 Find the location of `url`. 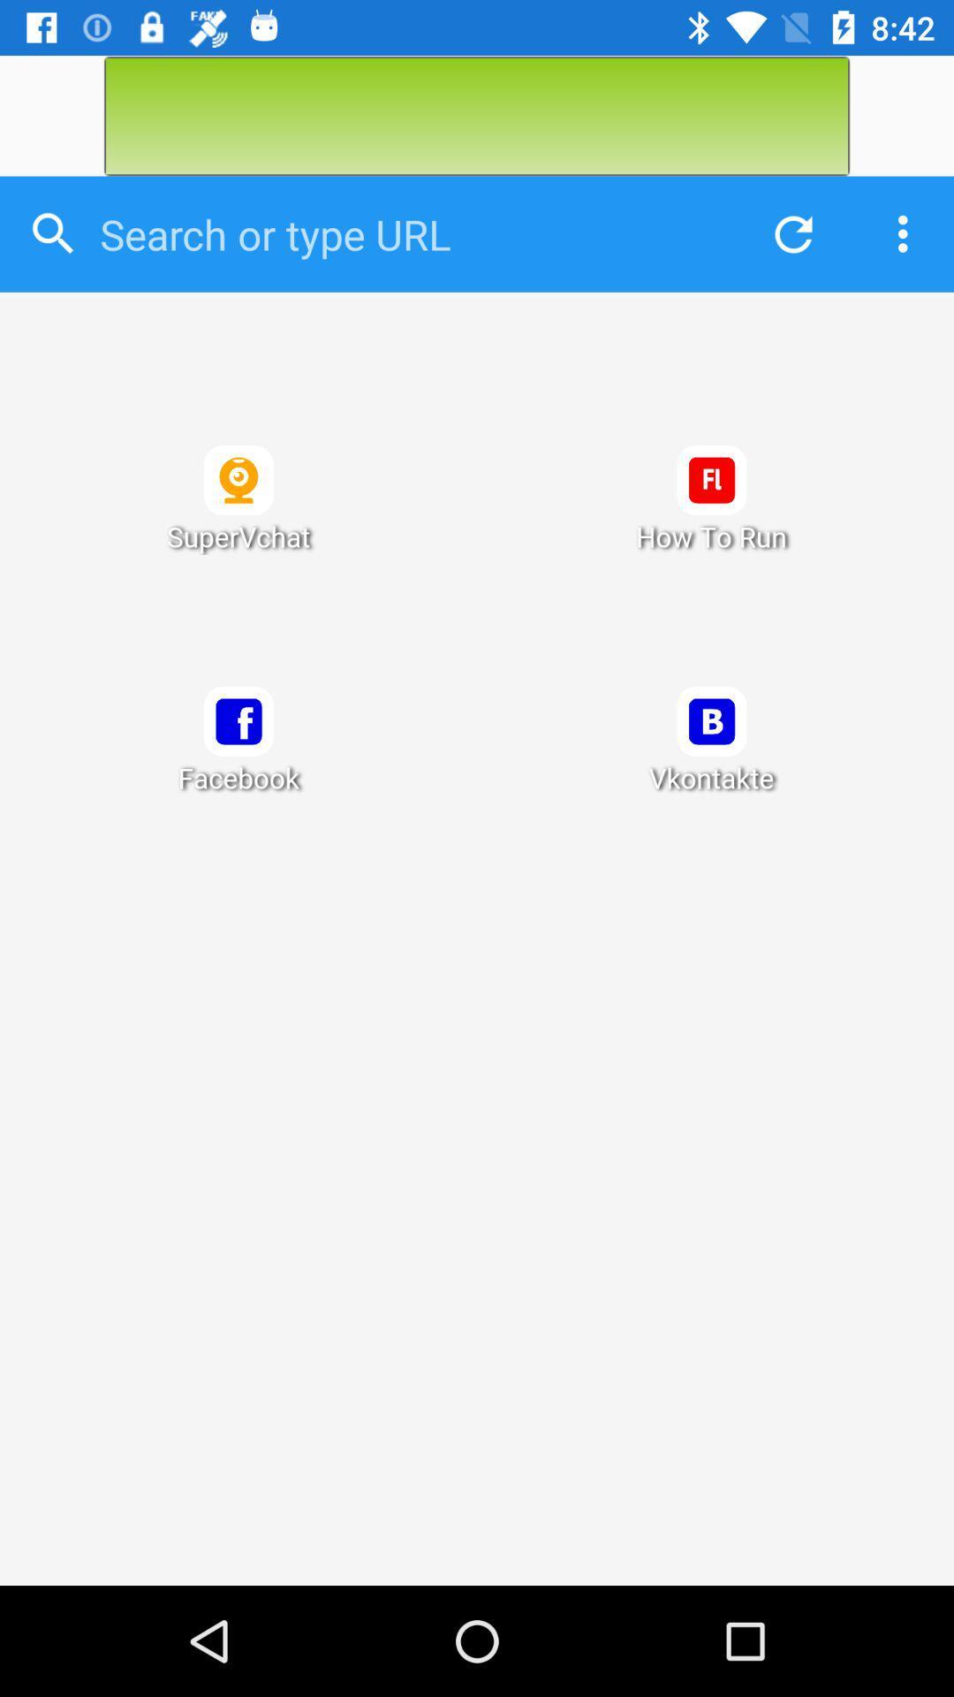

url is located at coordinates (407, 233).